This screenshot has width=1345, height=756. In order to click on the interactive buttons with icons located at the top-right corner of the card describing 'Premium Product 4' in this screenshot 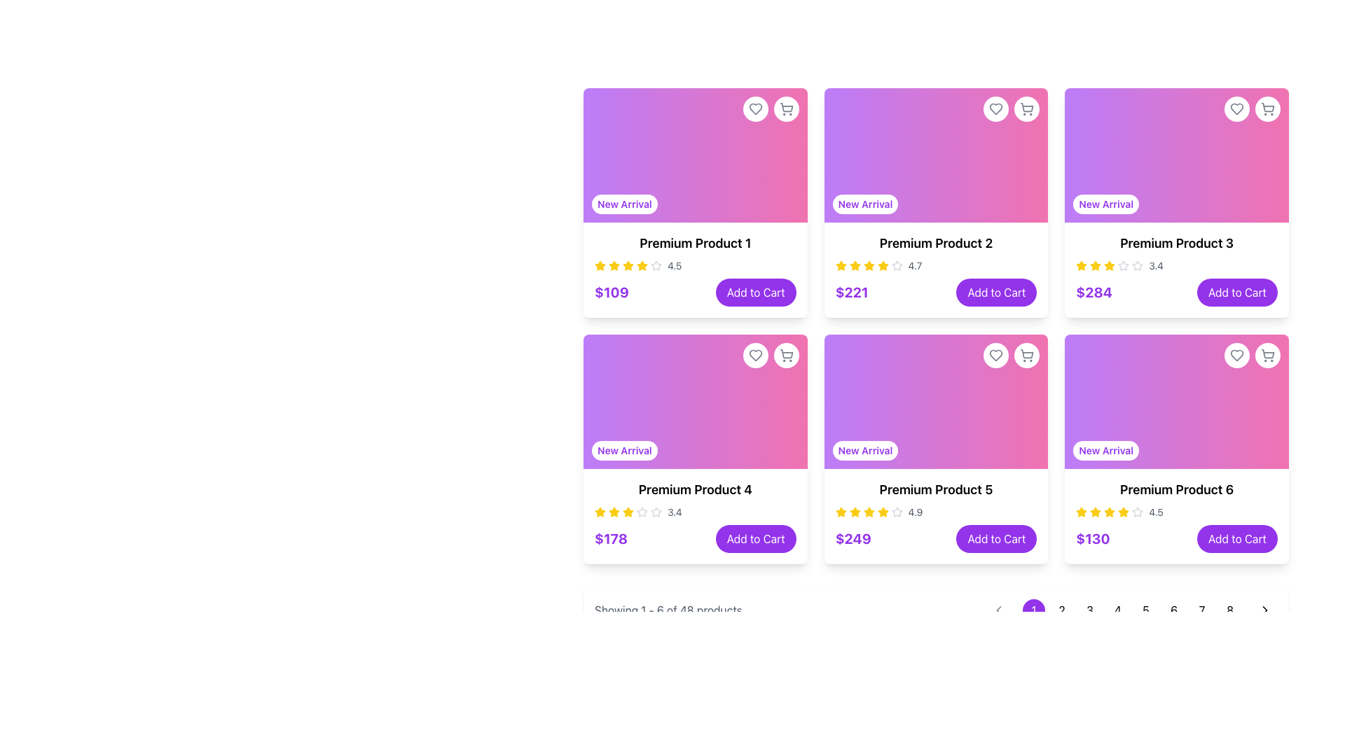, I will do `click(770, 355)`.